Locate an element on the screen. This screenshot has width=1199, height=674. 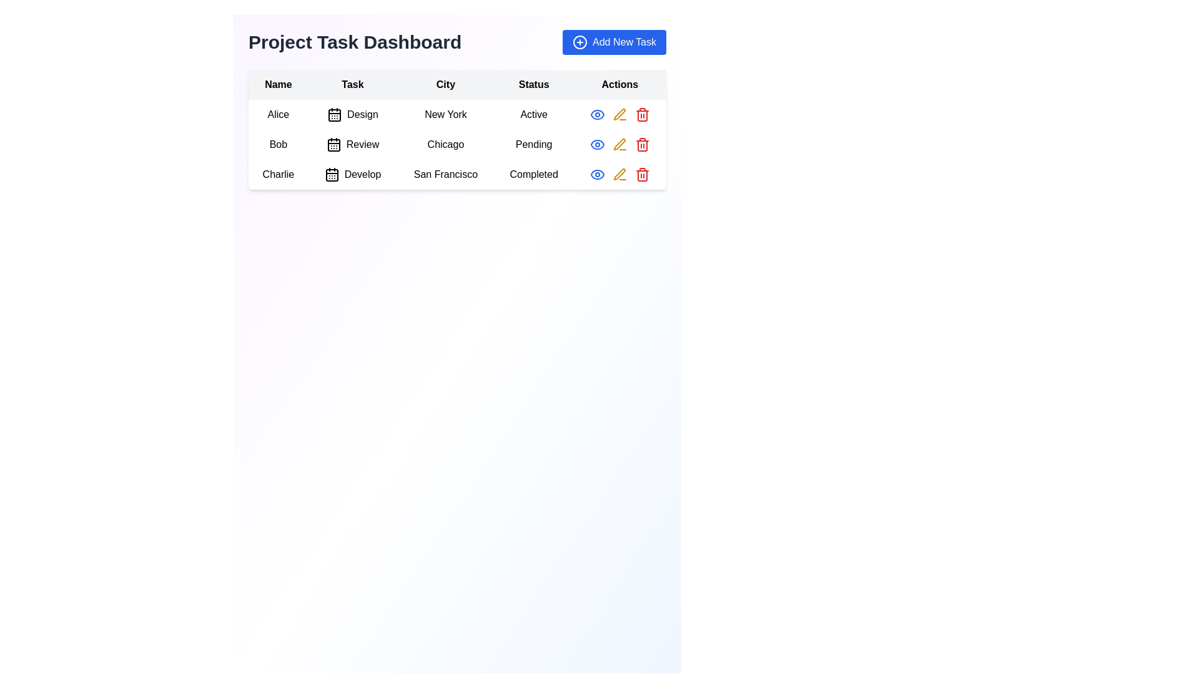
the text label displaying 'Alice' located in the first row and first column of the tabular layout under the column header 'Name' is located at coordinates (278, 115).